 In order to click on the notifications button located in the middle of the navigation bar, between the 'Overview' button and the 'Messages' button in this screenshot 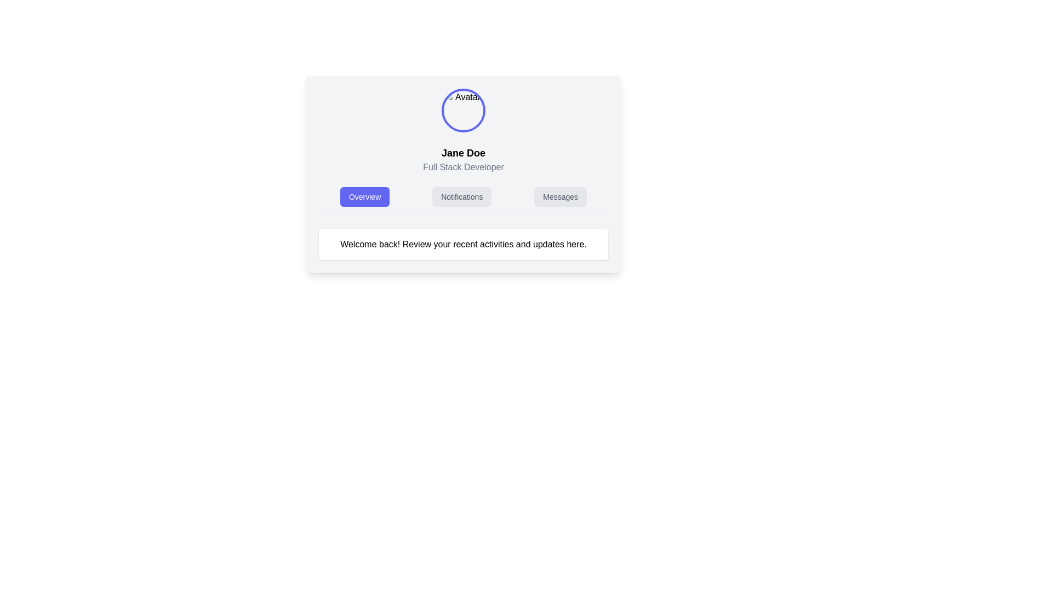, I will do `click(463, 201)`.